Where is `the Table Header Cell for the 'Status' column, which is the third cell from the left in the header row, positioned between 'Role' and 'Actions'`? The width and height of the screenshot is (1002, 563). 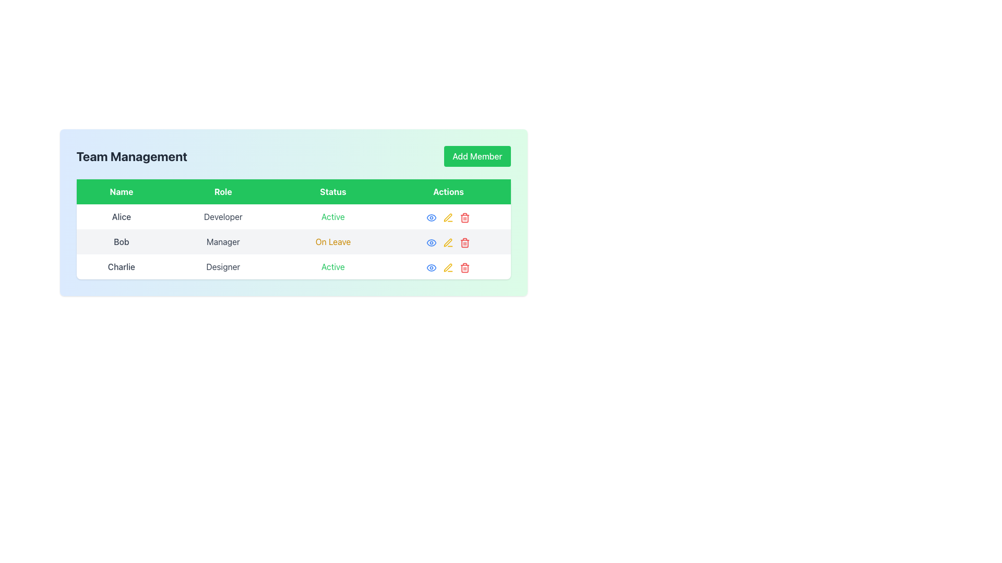
the Table Header Cell for the 'Status' column, which is the third cell from the left in the header row, positioned between 'Role' and 'Actions' is located at coordinates (332, 191).